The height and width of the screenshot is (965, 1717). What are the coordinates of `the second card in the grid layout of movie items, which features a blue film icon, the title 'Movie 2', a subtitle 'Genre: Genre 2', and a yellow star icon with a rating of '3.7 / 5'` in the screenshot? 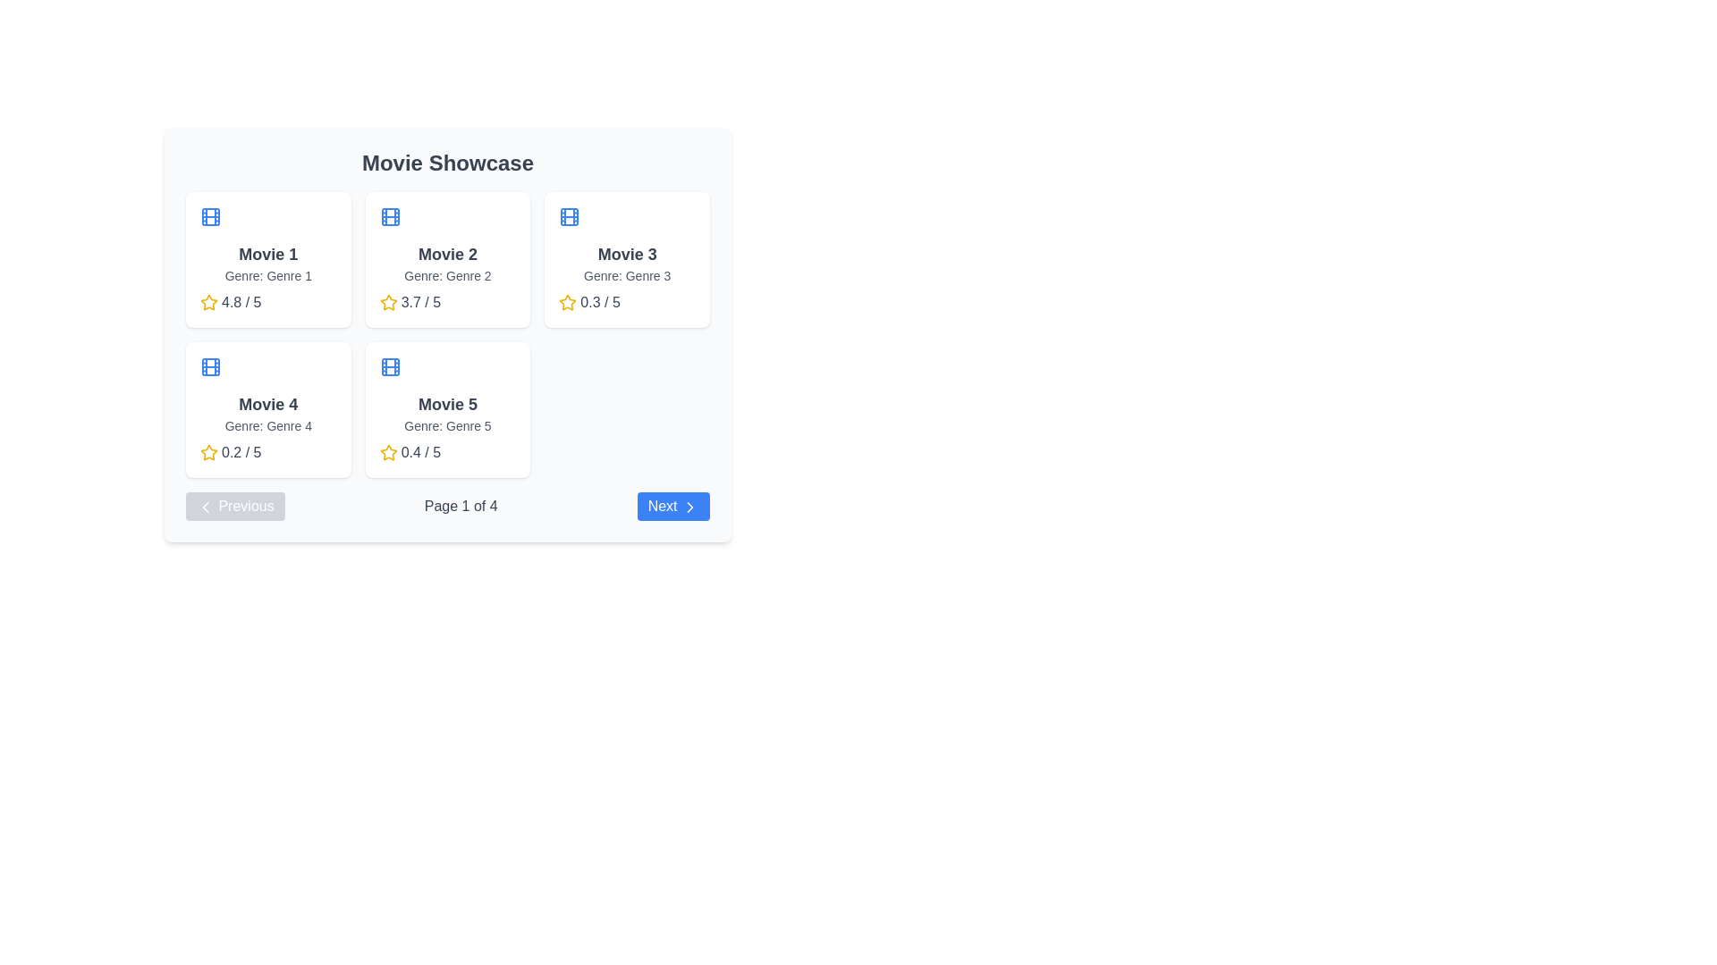 It's located at (447, 259).